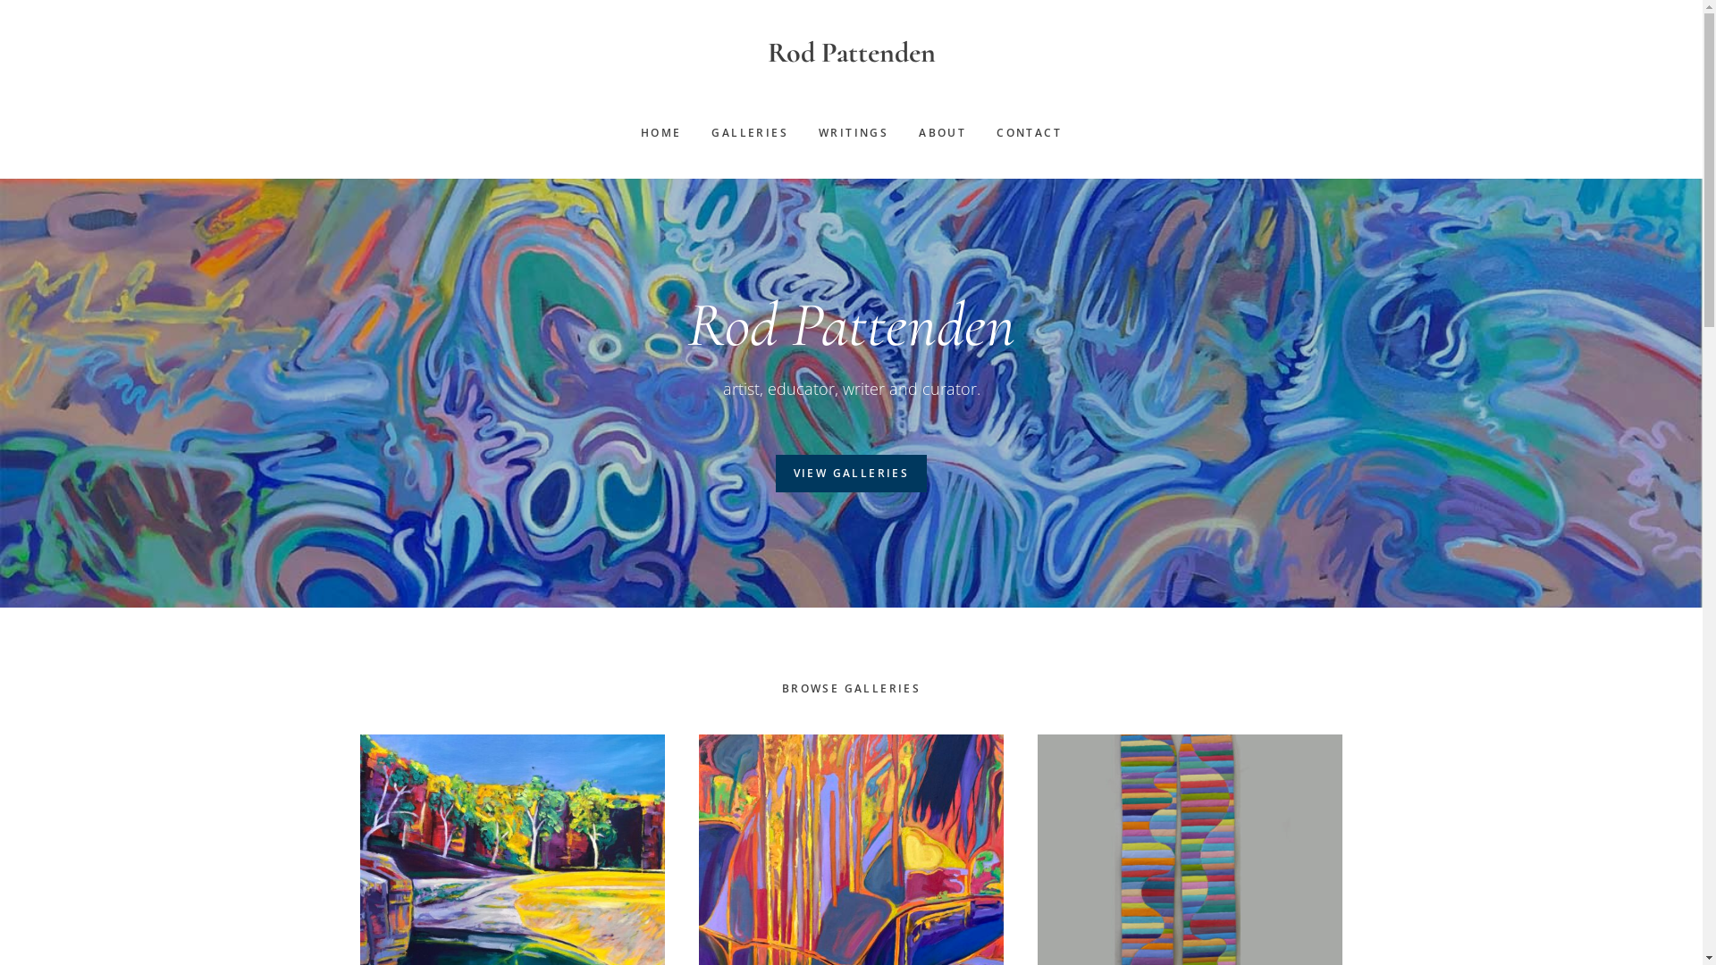 This screenshot has width=1716, height=965. Describe the element at coordinates (941, 132) in the screenshot. I see `'ABOUT'` at that location.